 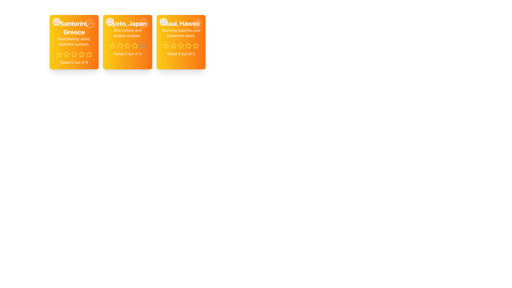 What do you see at coordinates (110, 21) in the screenshot?
I see `the circle graphical element within the 'info' icon located at the top-left of the card labeled 'Kyoto, Japan', which serves as a centerpiece of the button interface` at bounding box center [110, 21].